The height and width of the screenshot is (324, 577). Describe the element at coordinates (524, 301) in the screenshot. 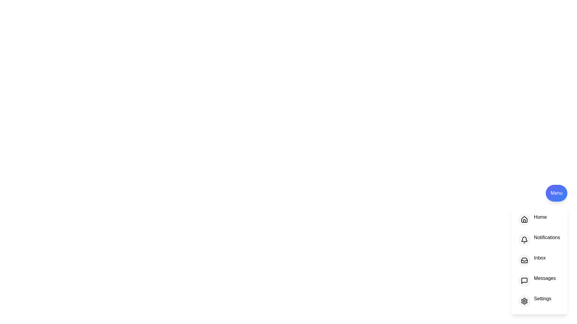

I see `the option Settings from the menu` at that location.